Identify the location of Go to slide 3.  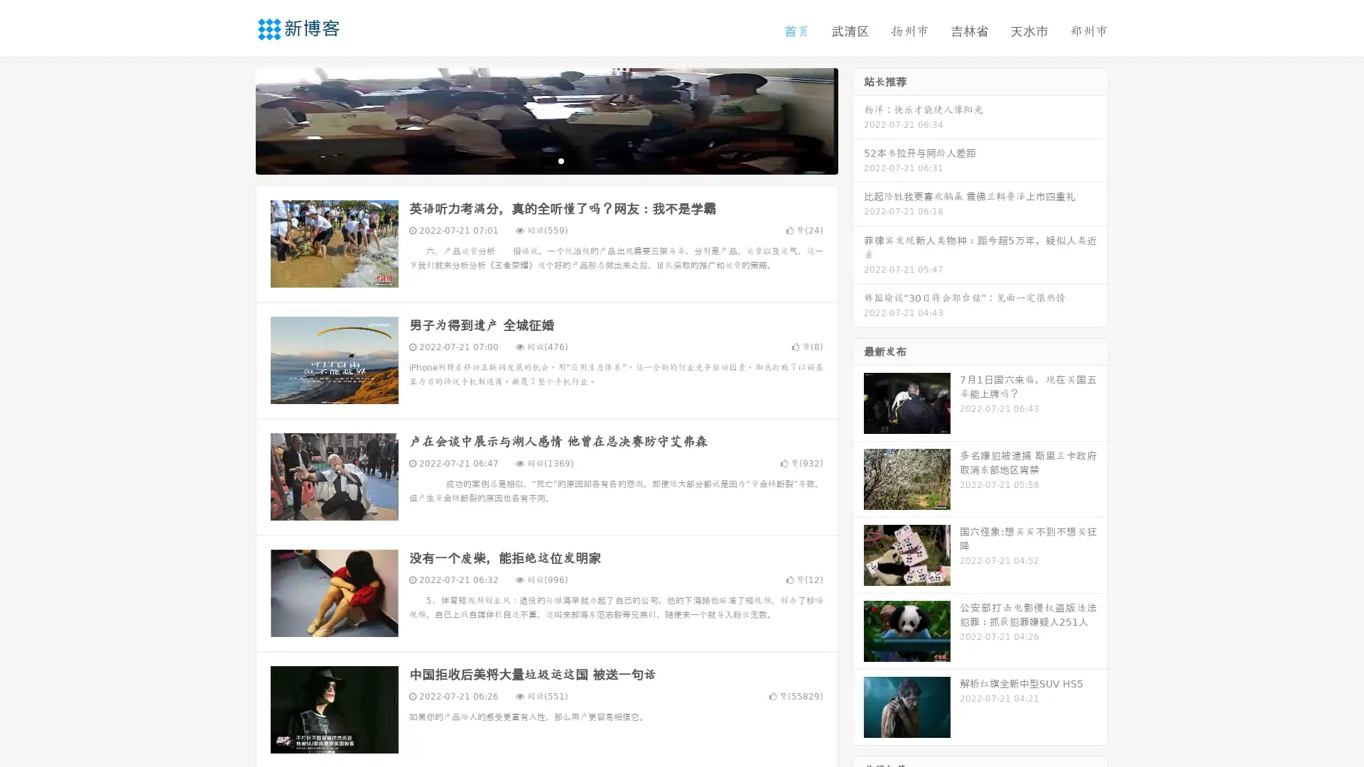
(561, 160).